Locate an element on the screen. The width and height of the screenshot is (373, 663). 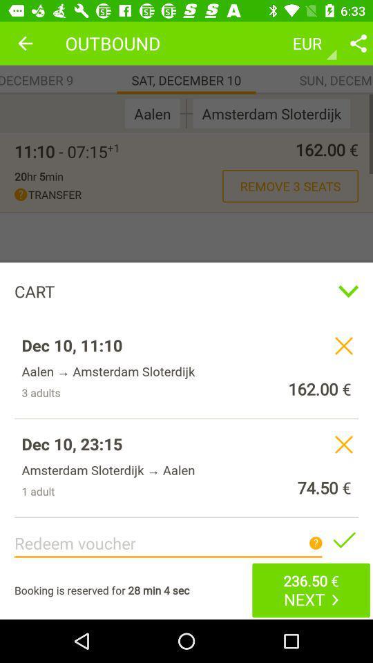
close is located at coordinates (343, 443).